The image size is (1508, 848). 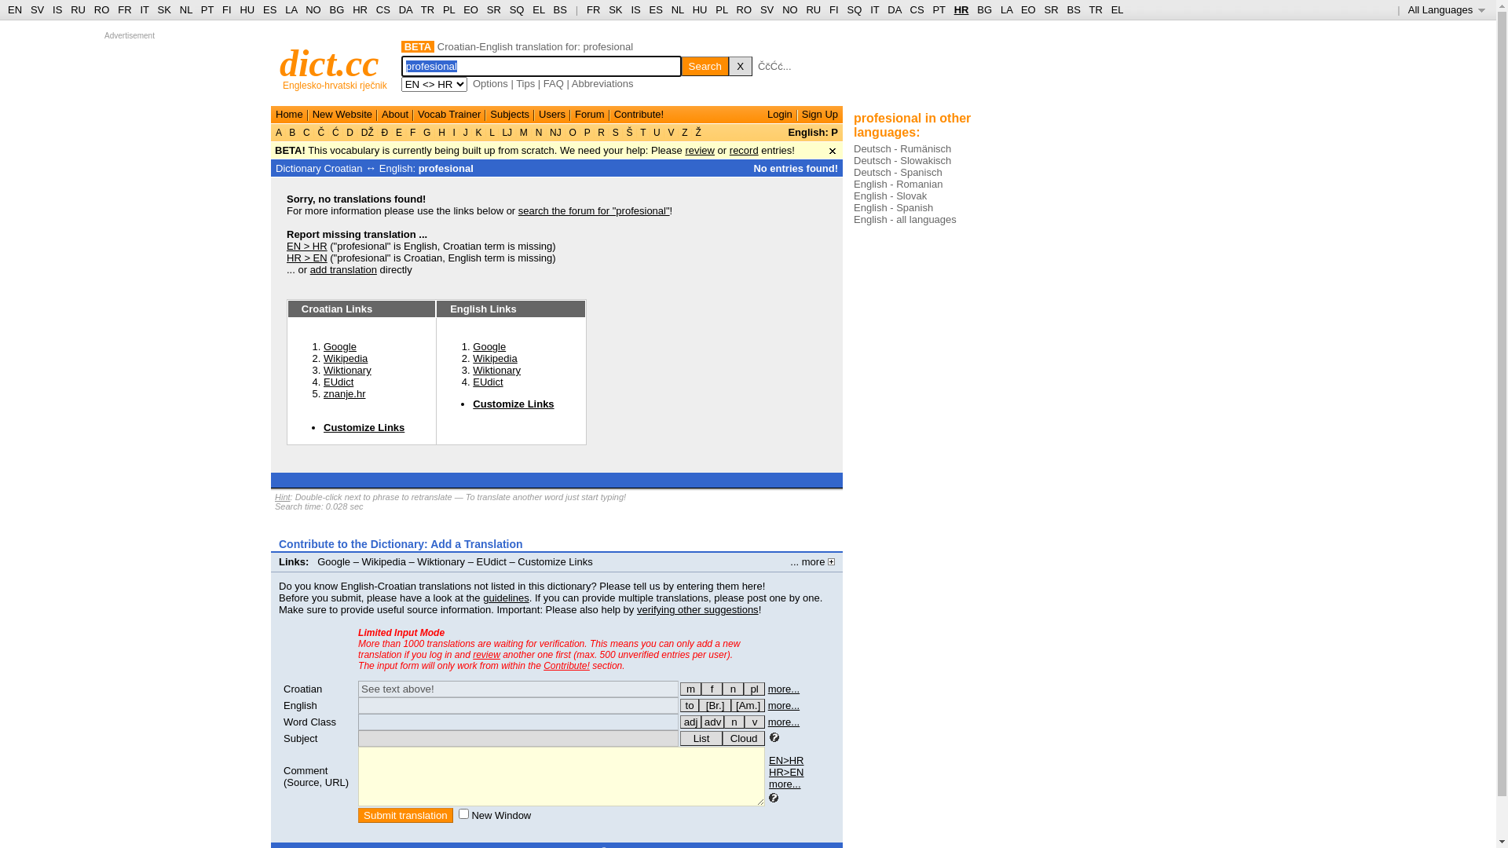 What do you see at coordinates (560, 9) in the screenshot?
I see `'BS'` at bounding box center [560, 9].